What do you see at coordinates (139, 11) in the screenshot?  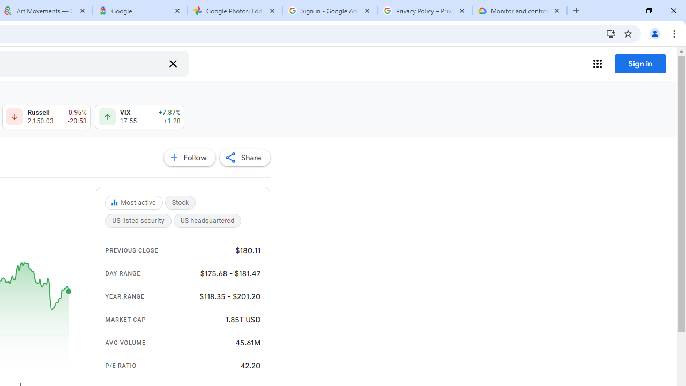 I see `'Google'` at bounding box center [139, 11].